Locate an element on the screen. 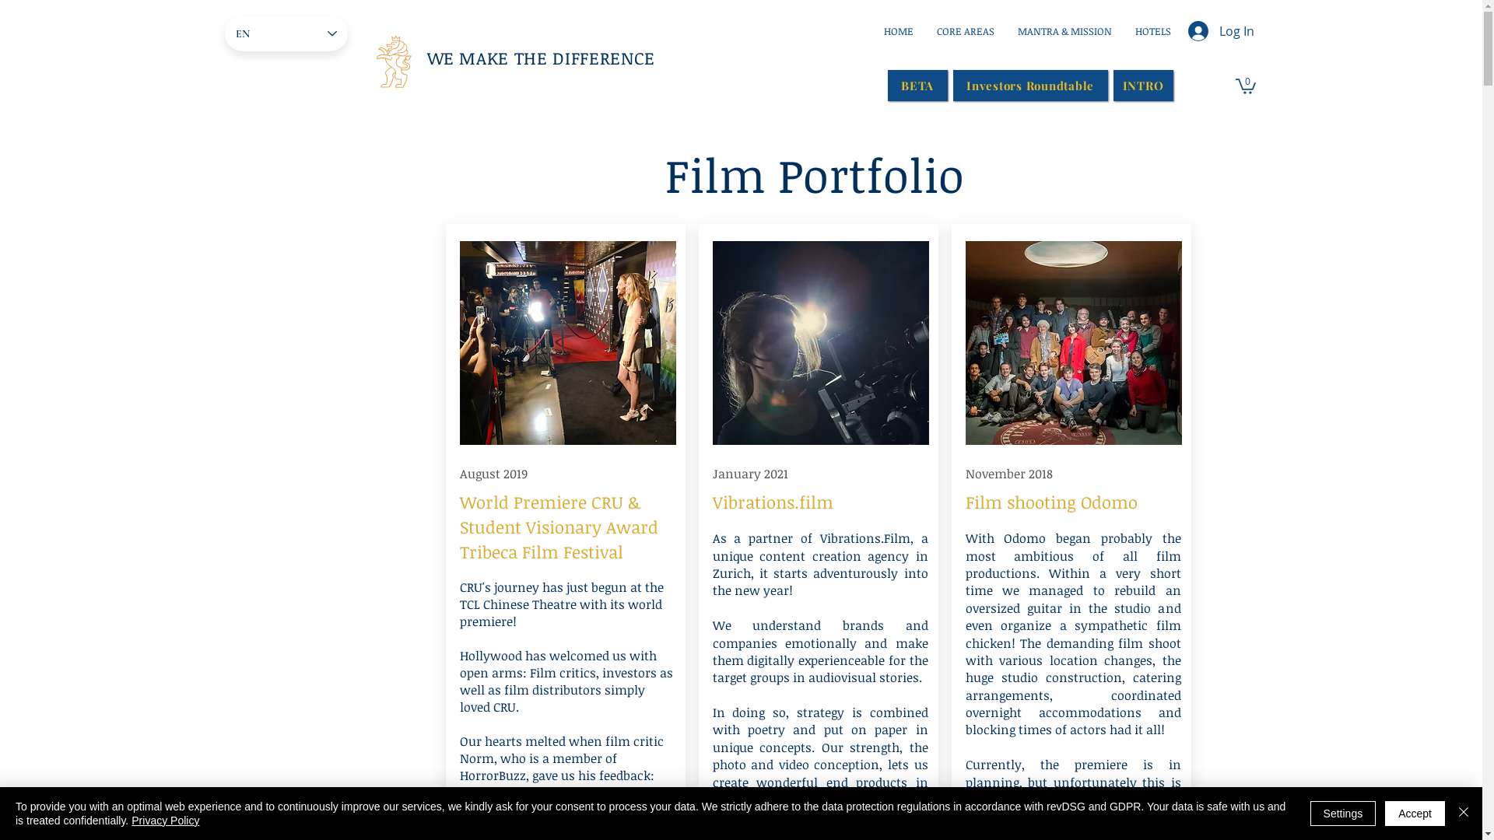 The width and height of the screenshot is (1494, 840). 'HOME' is located at coordinates (897, 30).